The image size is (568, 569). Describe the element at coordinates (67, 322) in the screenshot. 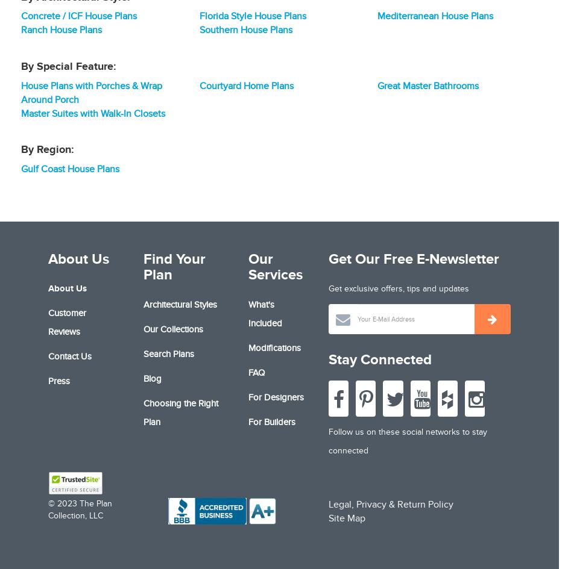

I see `'Customer Reviews'` at that location.